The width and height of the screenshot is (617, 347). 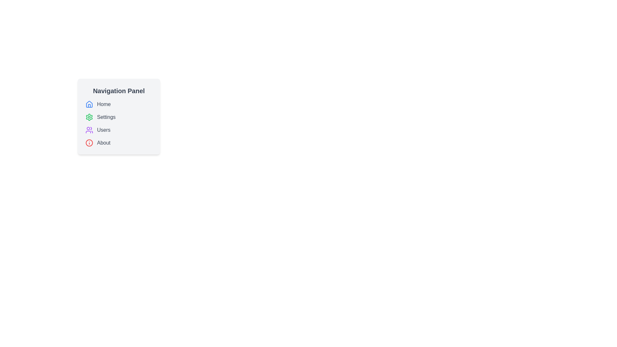 I want to click on the settings icon in the vertical navigation panel, located below the home icon and above the users icon, so click(x=89, y=117).